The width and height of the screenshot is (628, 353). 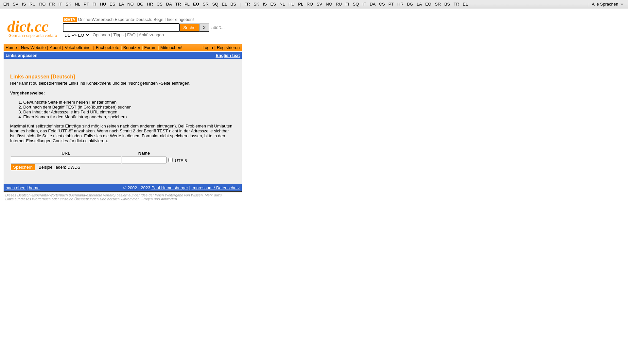 I want to click on 'SR', so click(x=202, y=4).